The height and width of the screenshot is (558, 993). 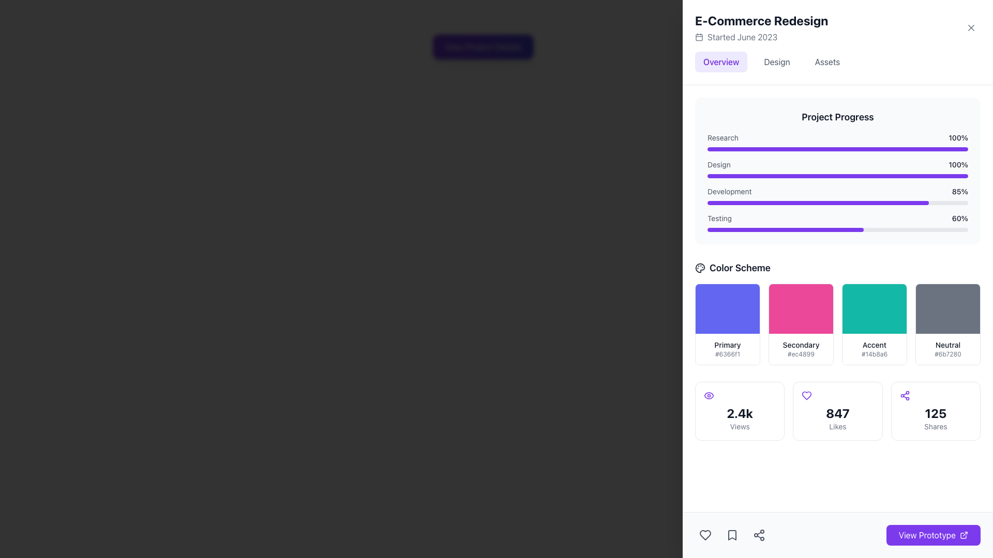 I want to click on the static text label displaying '#6b7280', which is styled in light gray and positioned directly below the title 'Neutral' in the fourth box of the 'Color Scheme' section, so click(x=948, y=354).